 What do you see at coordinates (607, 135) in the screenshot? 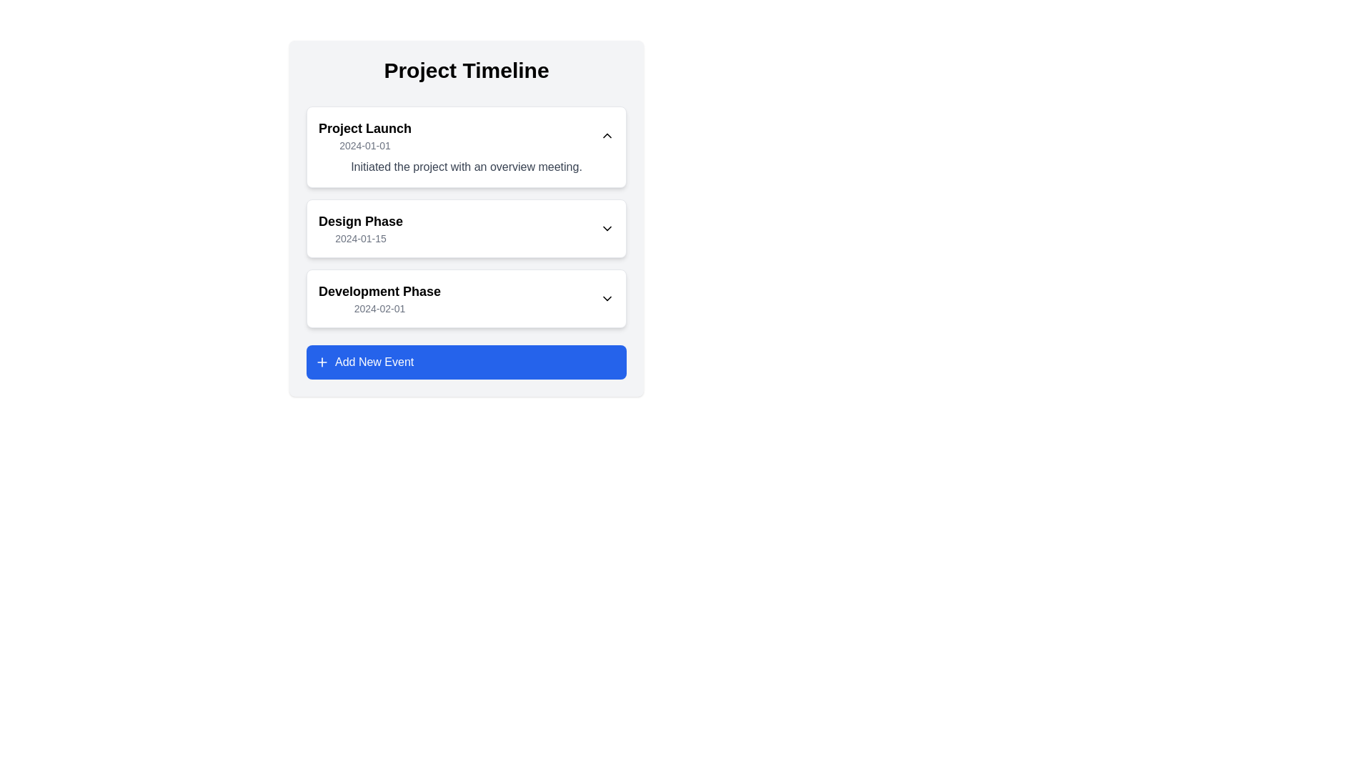
I see `the small upward-pointing triangle icon styled as a chevron located at the far right edge of the 'Project Launch' header` at bounding box center [607, 135].